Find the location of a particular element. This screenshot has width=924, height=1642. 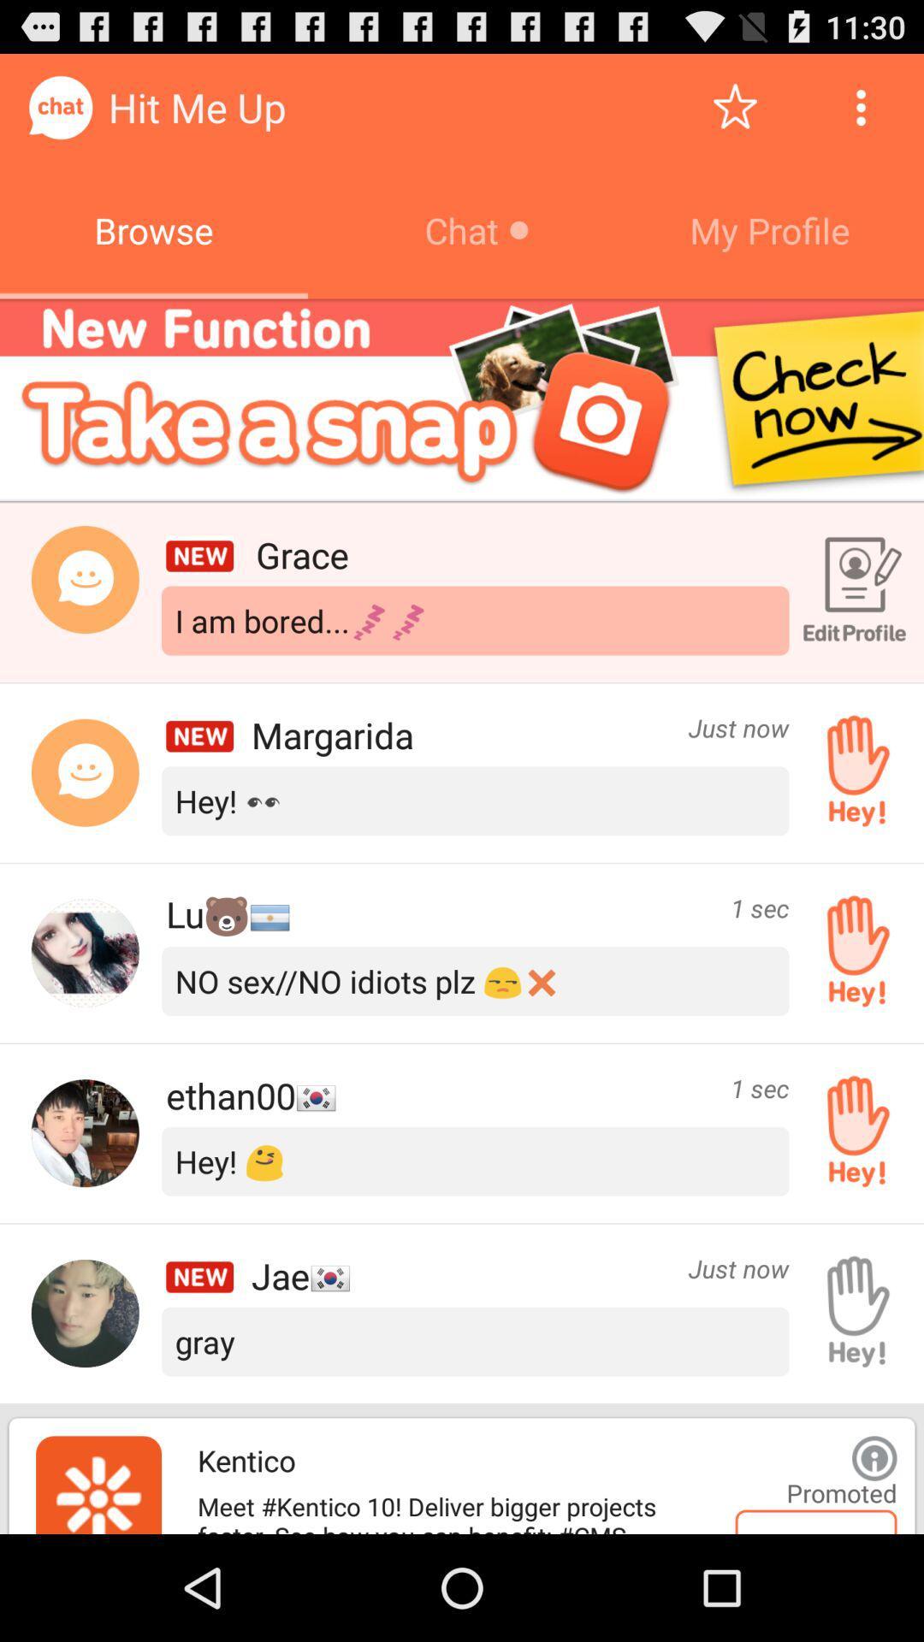

promoted app logo is located at coordinates (98, 1484).